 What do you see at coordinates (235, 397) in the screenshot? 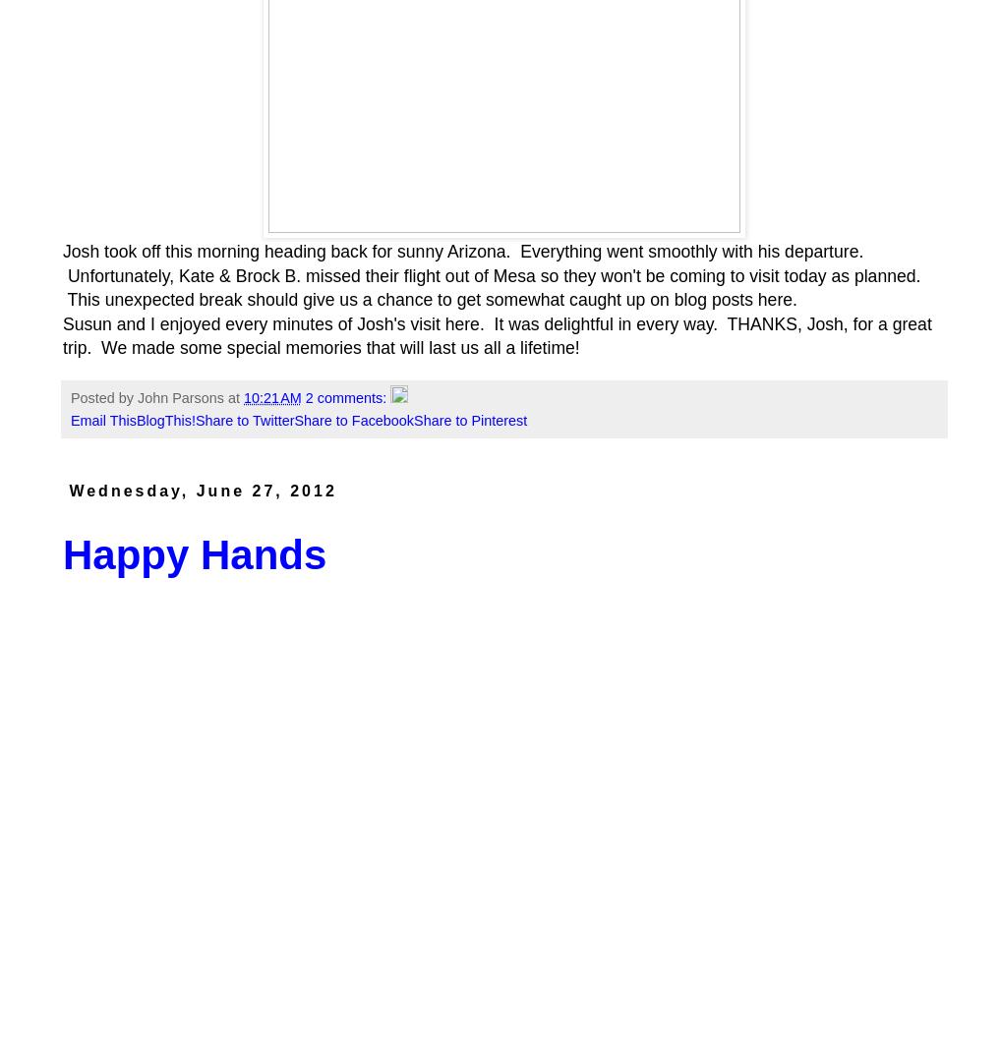
I see `'at'` at bounding box center [235, 397].